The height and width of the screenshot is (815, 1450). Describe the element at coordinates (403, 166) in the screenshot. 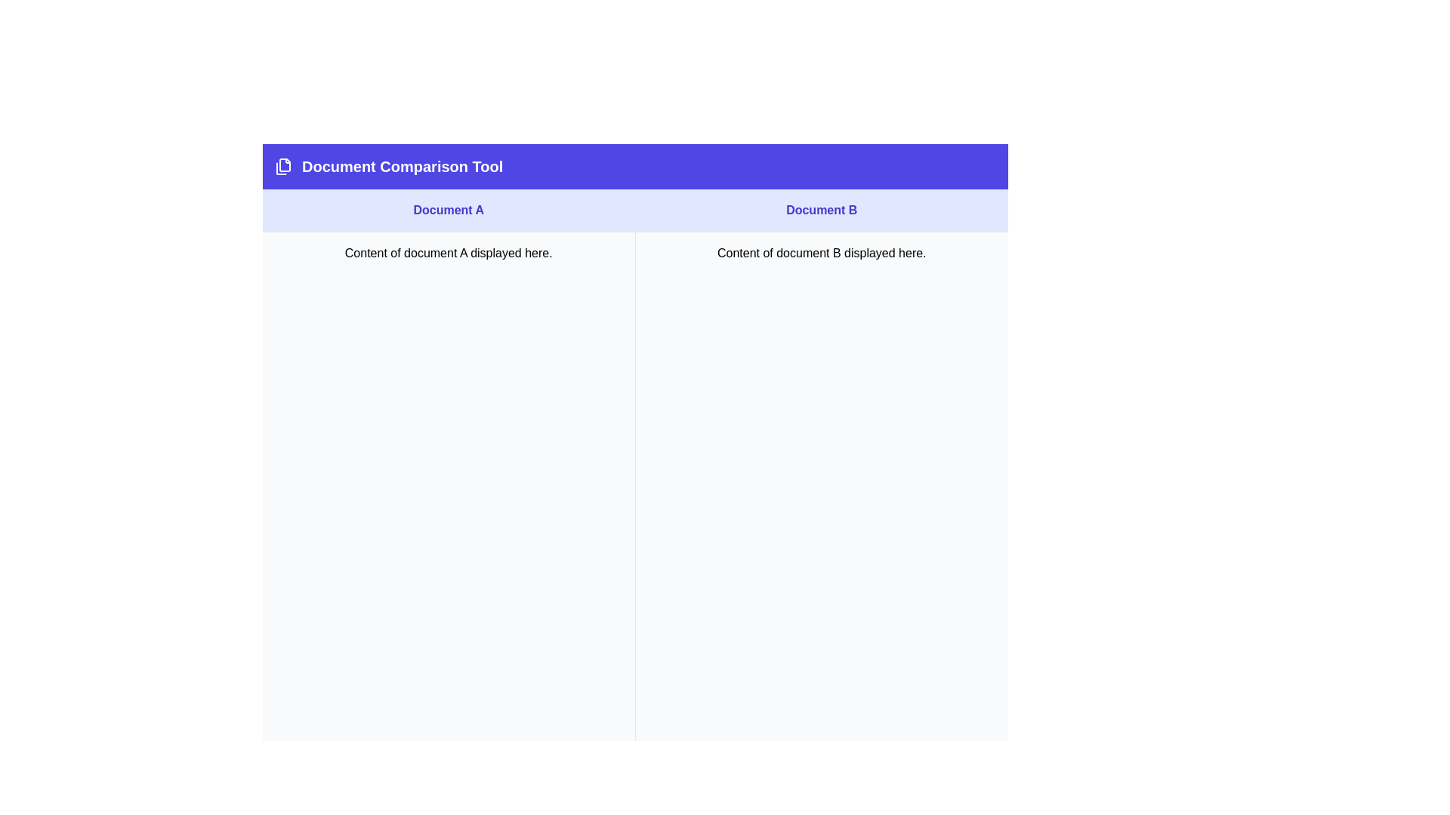

I see `the title 'Document Comparison Tool' located in the top horizontal purple bar, which is the only textual element in that area` at that location.